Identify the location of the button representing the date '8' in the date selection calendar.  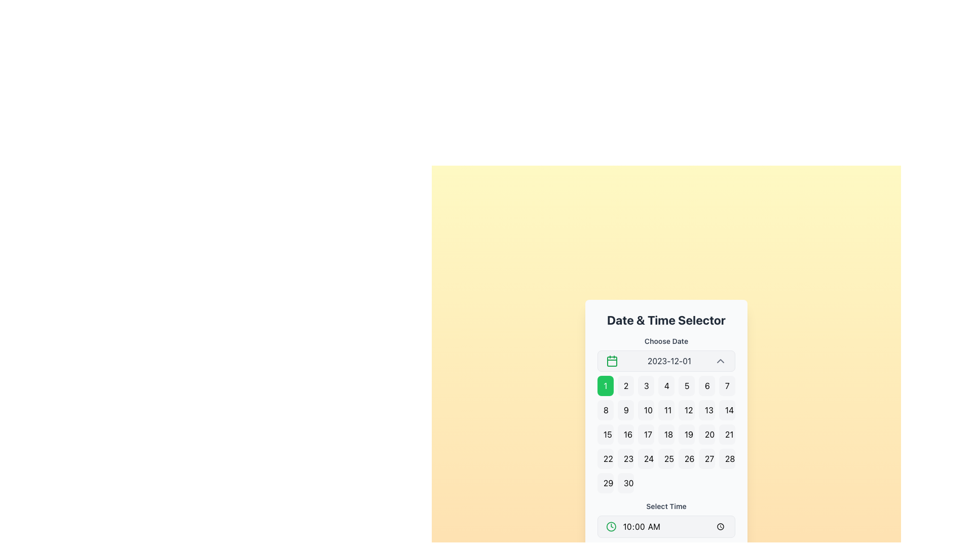
(606, 410).